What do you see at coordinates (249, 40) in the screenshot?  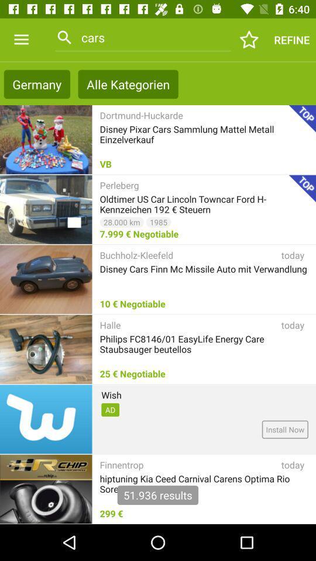 I see `item next to the cars` at bounding box center [249, 40].